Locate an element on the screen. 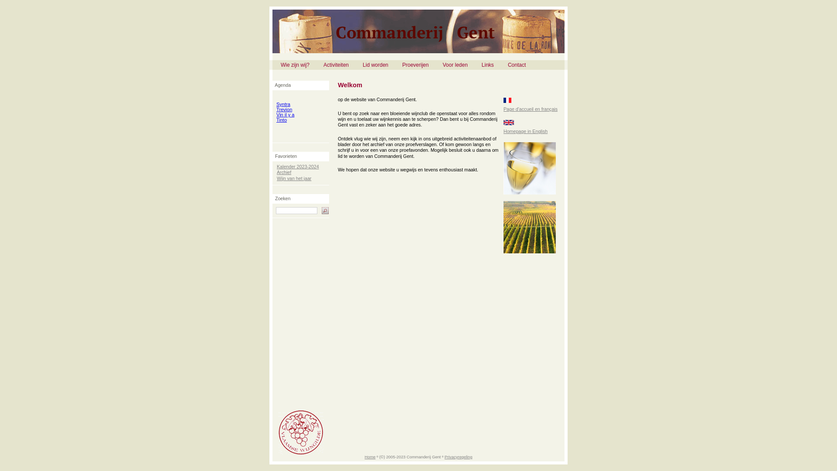 This screenshot has width=837, height=471. 'Wie zijn wij?' is located at coordinates (295, 65).